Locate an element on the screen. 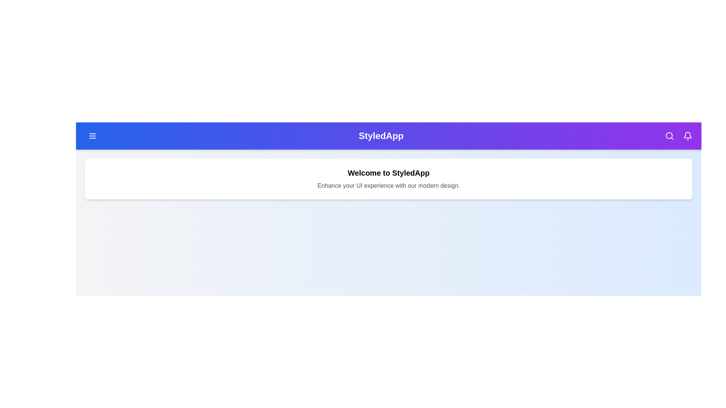 This screenshot has height=408, width=726. the app title 'StyledApp' in the center of the app bar is located at coordinates (381, 135).